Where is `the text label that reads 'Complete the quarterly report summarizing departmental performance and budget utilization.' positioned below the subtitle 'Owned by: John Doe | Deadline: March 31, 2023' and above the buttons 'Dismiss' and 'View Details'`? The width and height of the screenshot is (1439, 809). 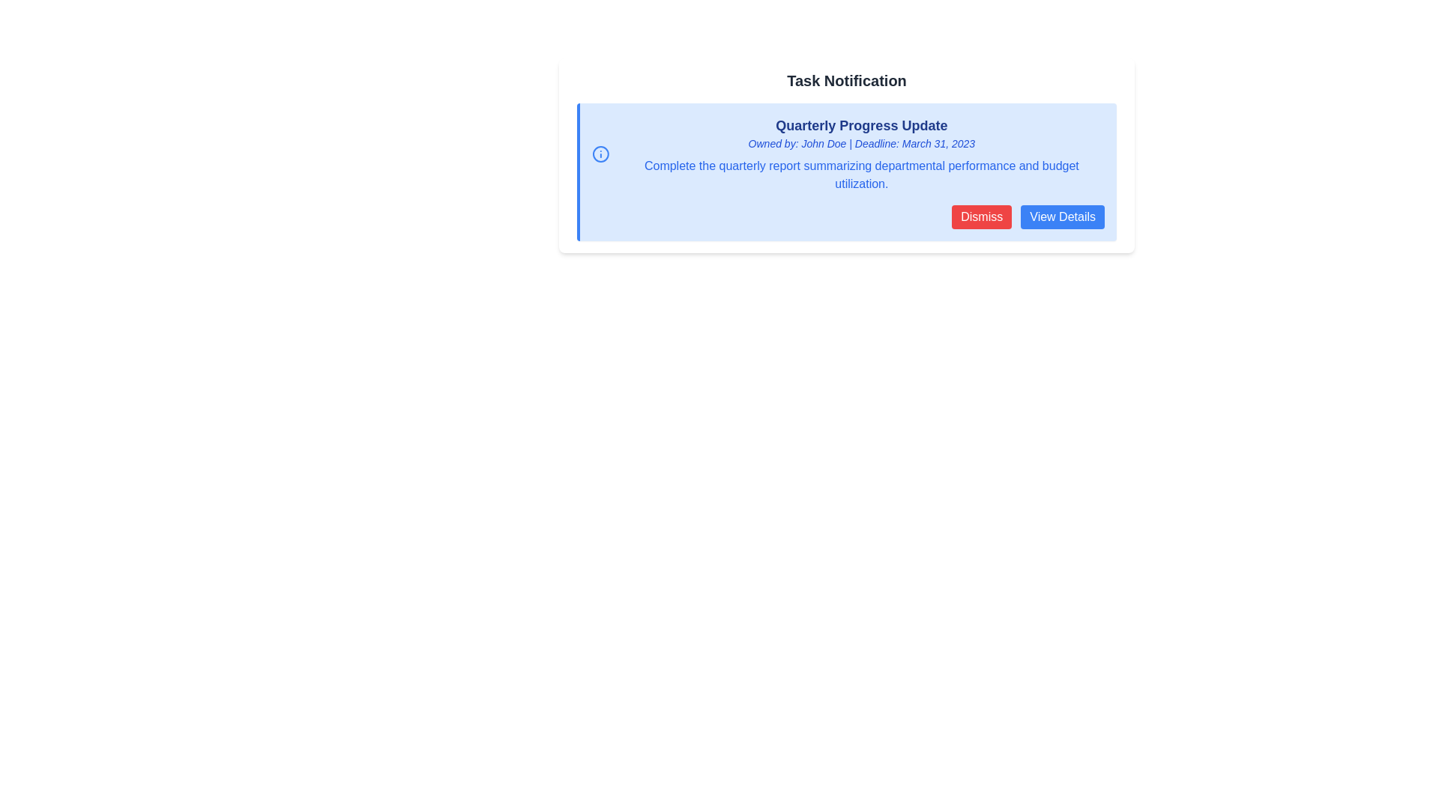 the text label that reads 'Complete the quarterly report summarizing departmental performance and budget utilization.' positioned below the subtitle 'Owned by: John Doe | Deadline: March 31, 2023' and above the buttons 'Dismiss' and 'View Details' is located at coordinates (861, 175).